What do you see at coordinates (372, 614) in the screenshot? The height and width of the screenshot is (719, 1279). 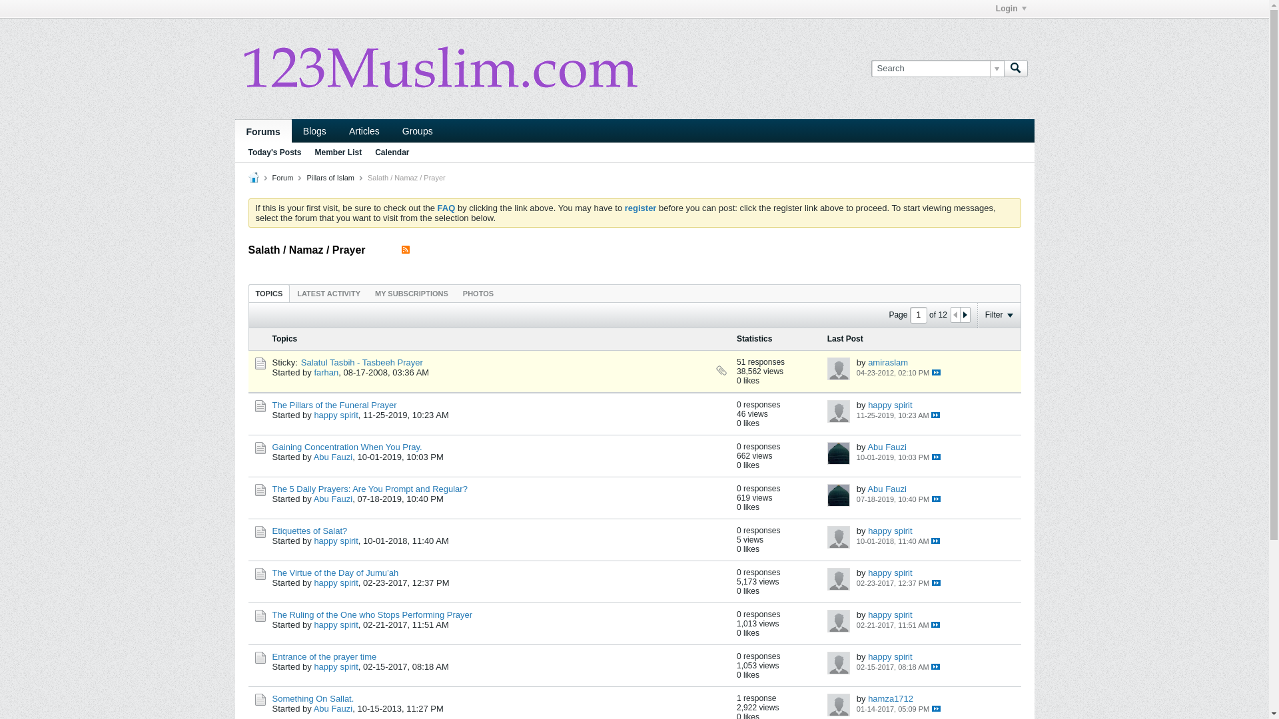 I see `'The Ruling of the One who Stops Performing Prayer'` at bounding box center [372, 614].